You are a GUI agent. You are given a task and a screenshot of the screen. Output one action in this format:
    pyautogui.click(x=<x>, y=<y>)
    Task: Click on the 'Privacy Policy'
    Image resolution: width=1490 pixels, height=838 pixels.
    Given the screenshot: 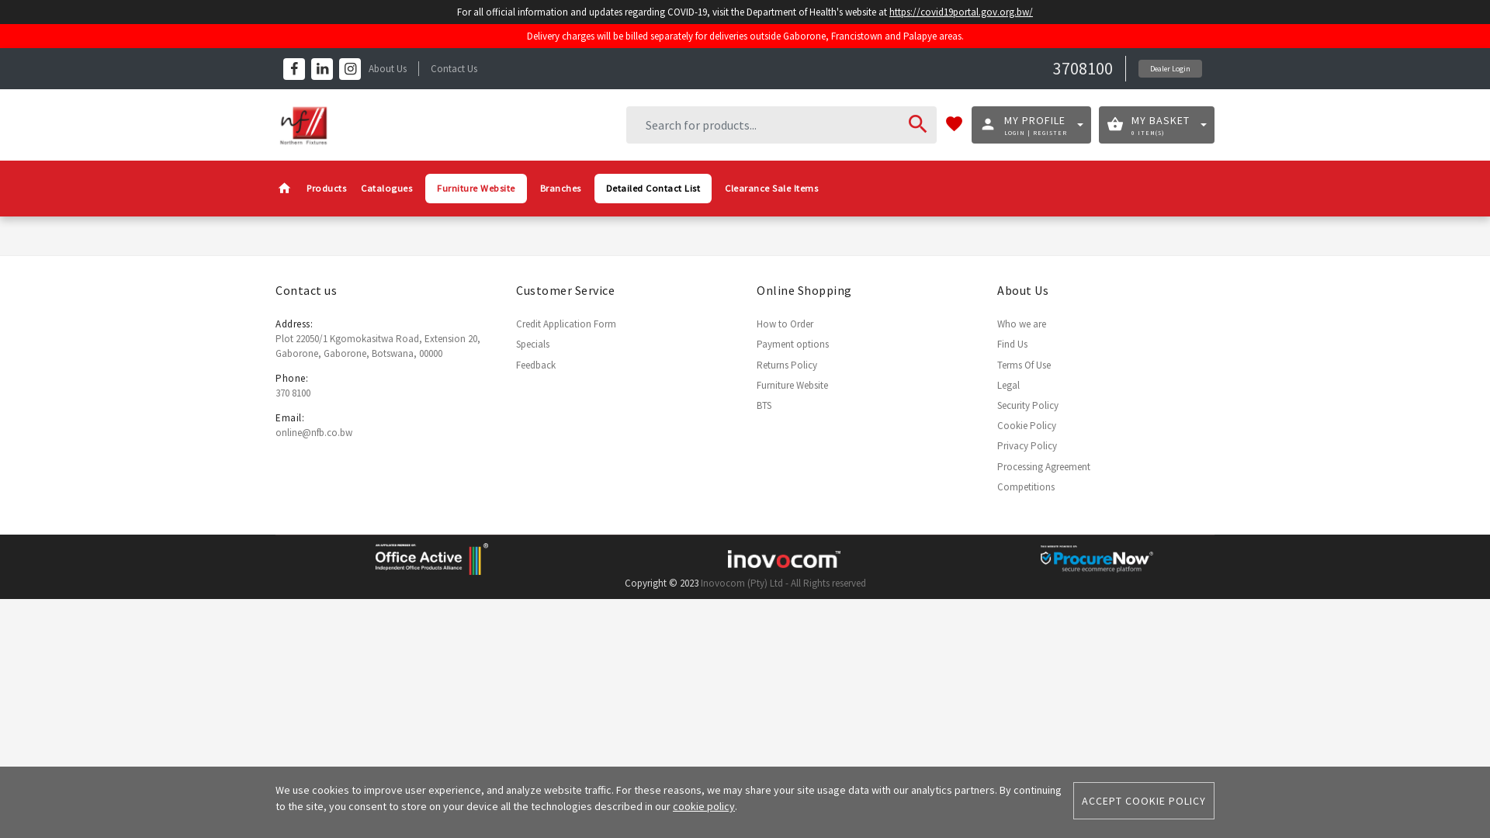 What is the action you would take?
    pyautogui.click(x=997, y=445)
    